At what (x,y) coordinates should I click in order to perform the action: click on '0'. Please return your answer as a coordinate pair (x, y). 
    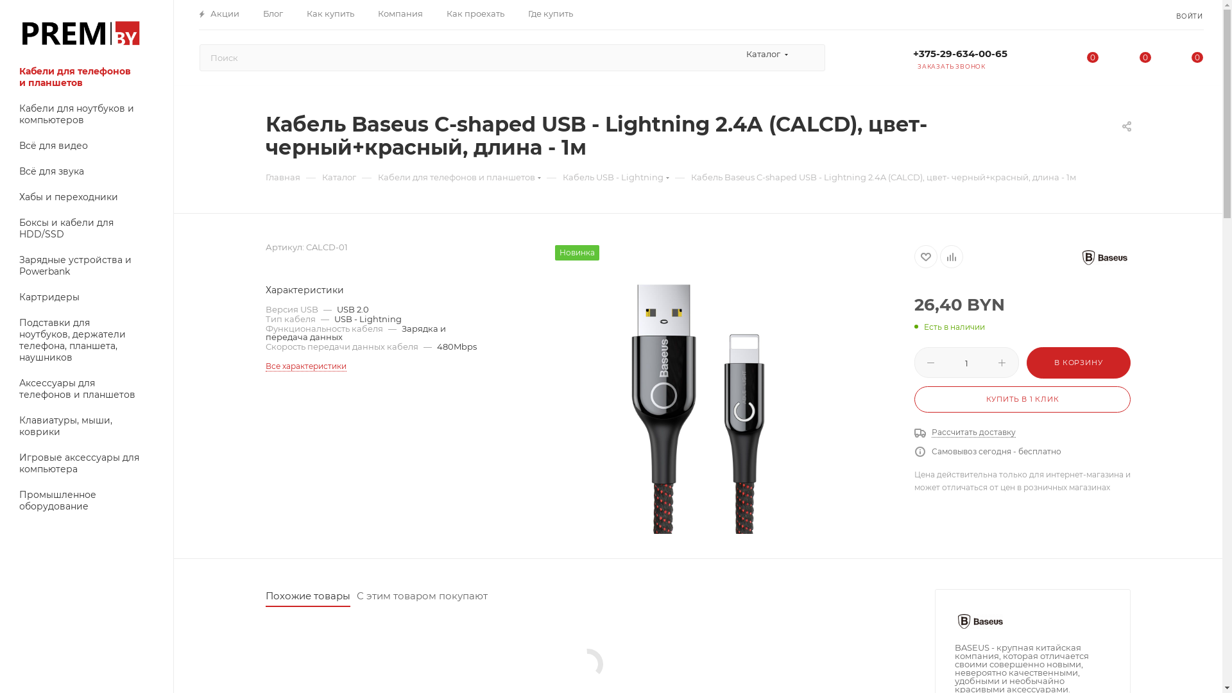
    Looking at the image, I should click on (1111, 59).